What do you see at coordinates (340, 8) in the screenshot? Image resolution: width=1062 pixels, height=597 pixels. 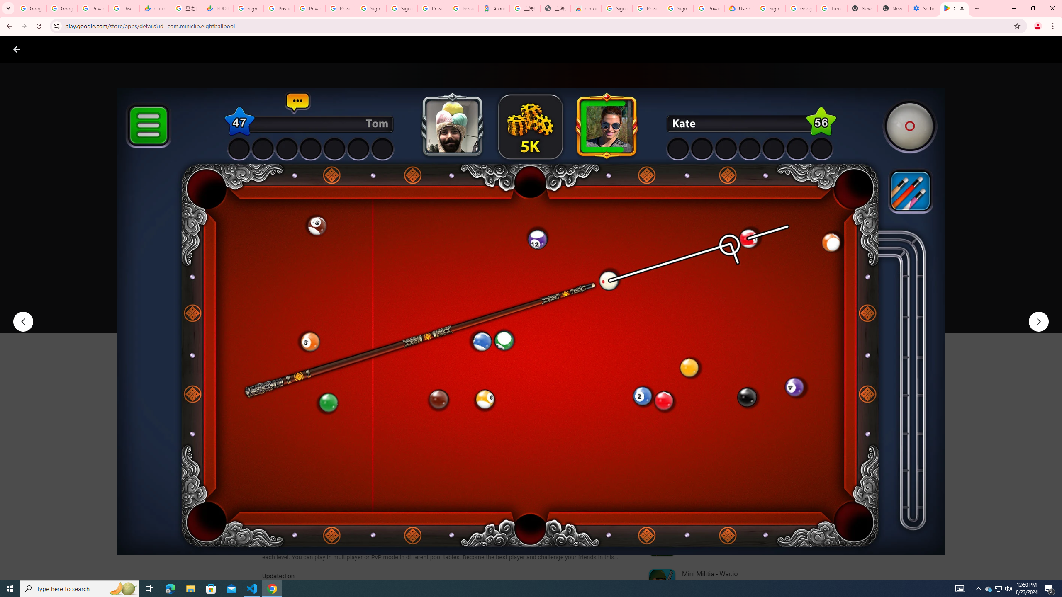 I see `'Privacy Checkup'` at bounding box center [340, 8].